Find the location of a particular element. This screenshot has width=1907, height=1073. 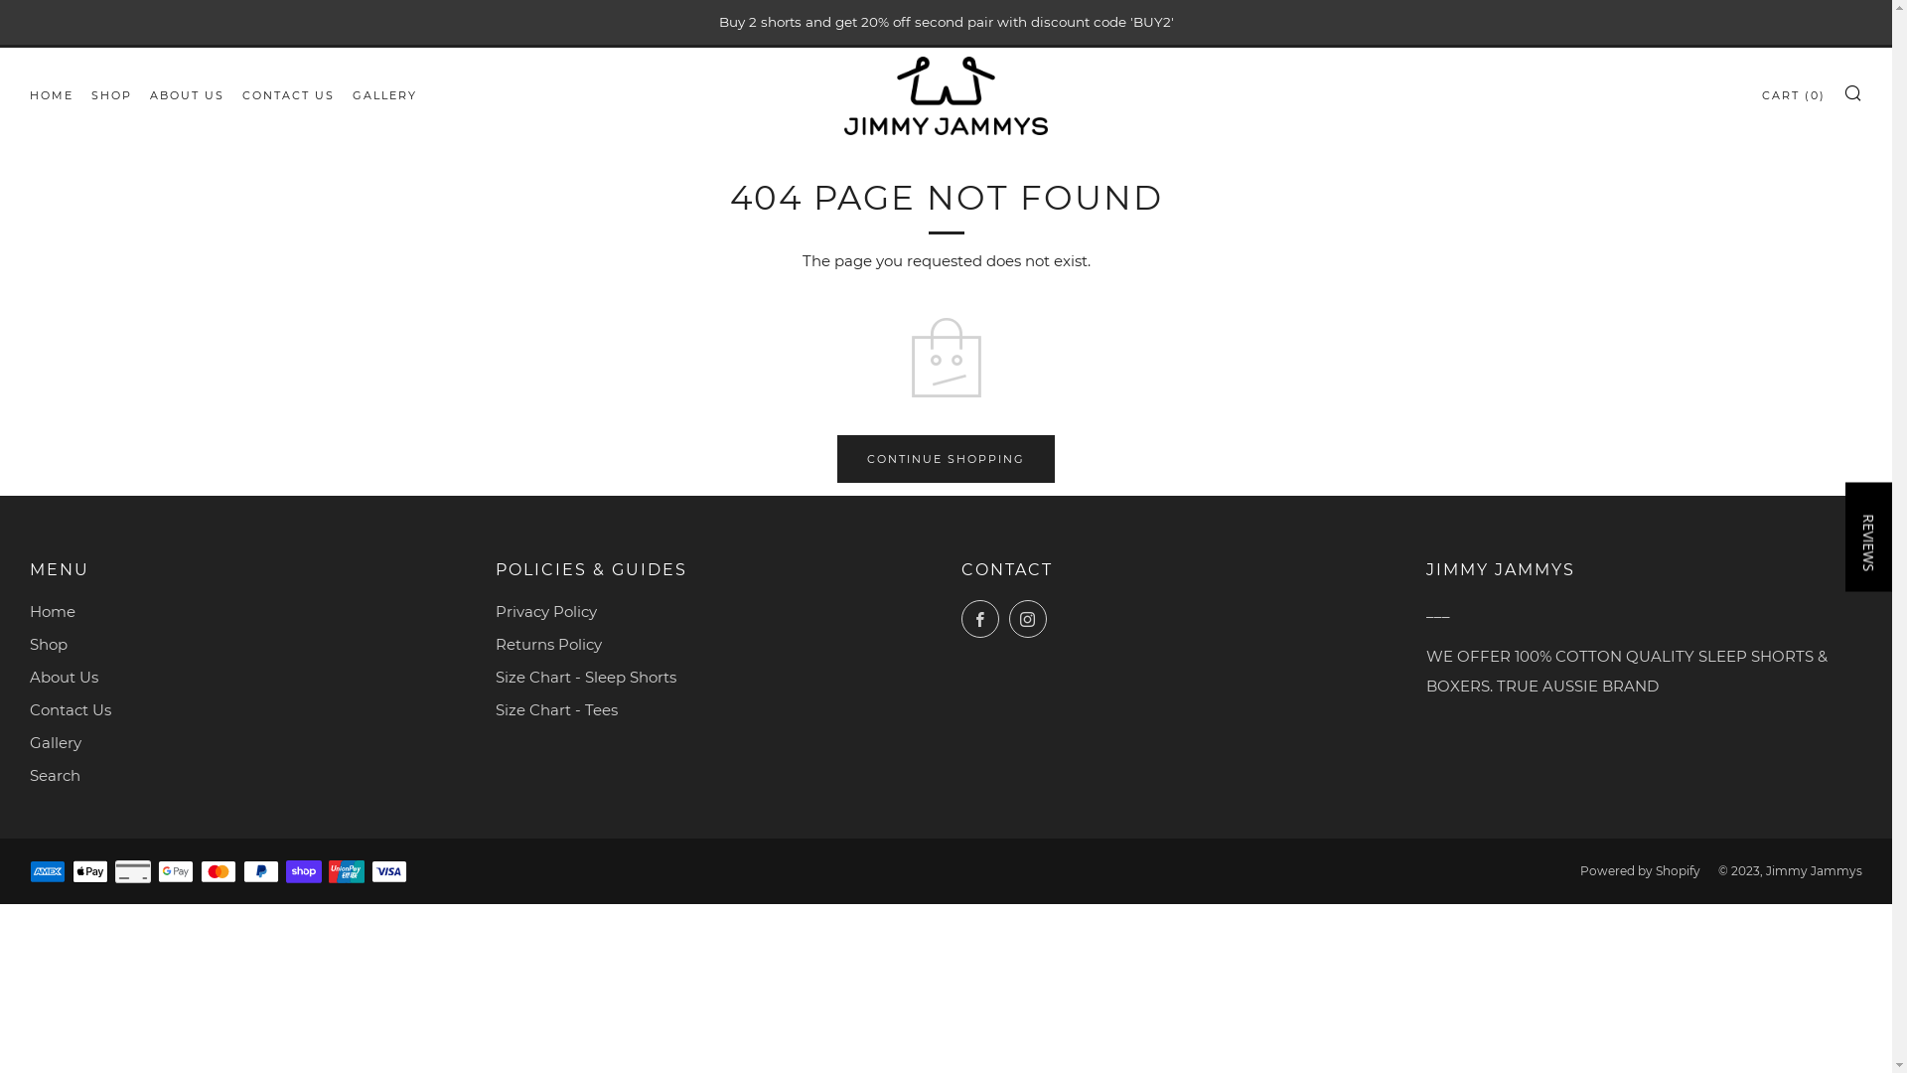

'Size Chart - Sleep Shorts' is located at coordinates (585, 676).